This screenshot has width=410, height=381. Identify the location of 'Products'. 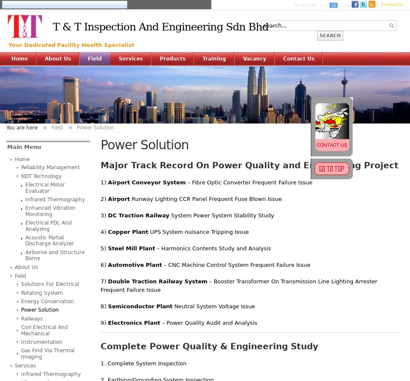
(172, 59).